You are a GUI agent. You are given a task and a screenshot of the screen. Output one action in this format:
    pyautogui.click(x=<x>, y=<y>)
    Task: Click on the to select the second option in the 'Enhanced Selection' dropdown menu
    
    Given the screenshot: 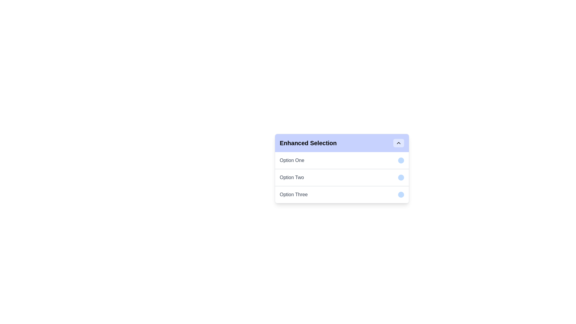 What is the action you would take?
    pyautogui.click(x=342, y=177)
    